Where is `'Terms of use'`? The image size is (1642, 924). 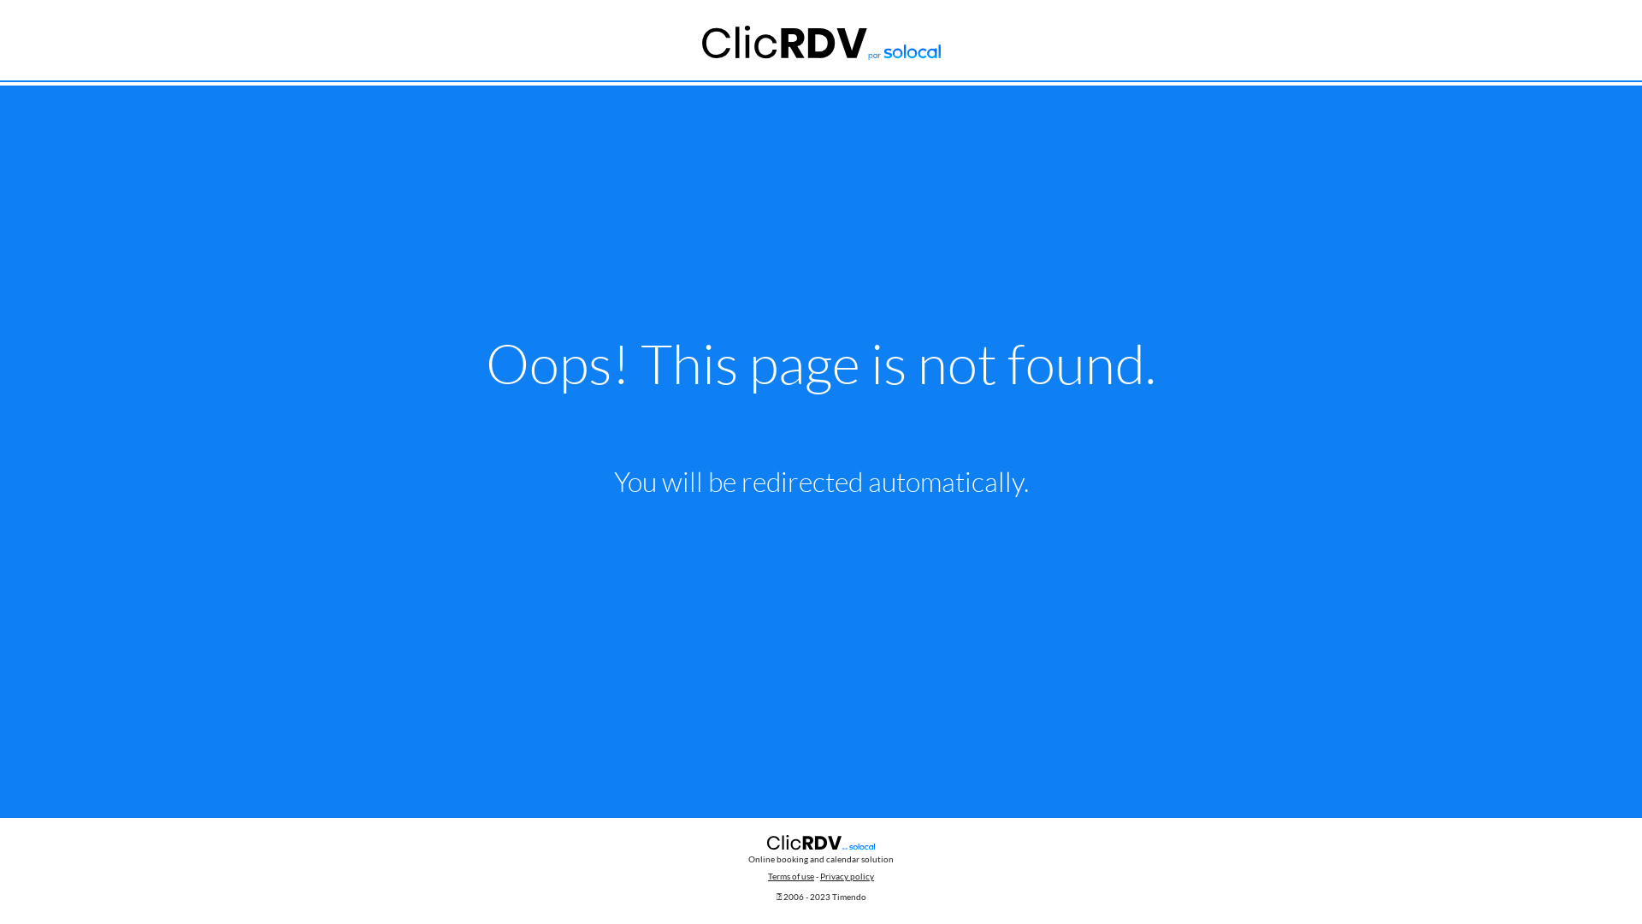
'Terms of use' is located at coordinates (766, 875).